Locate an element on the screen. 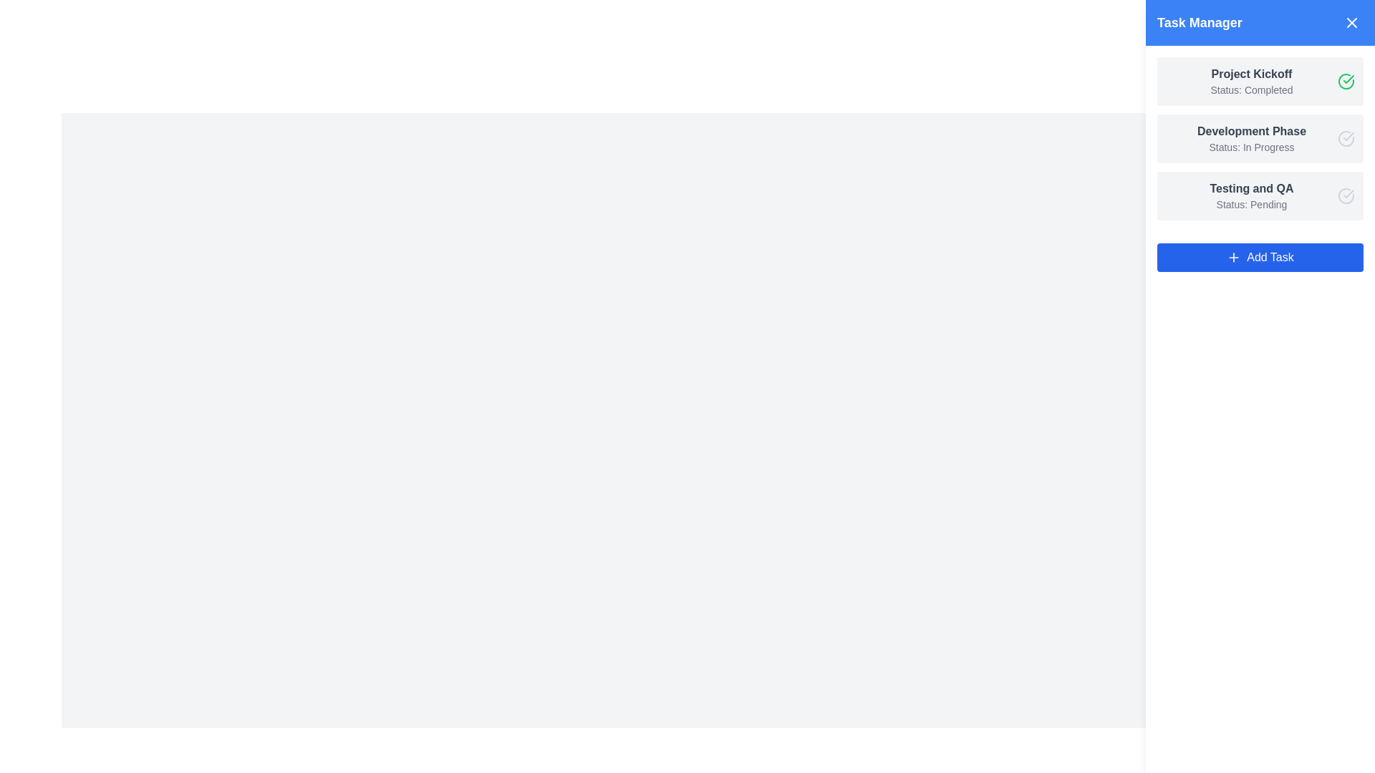  title text 'Project Kickoff' which is styled in bold gray font and positioned at the top of the first task card on the right side of the interface is located at coordinates (1250, 74).